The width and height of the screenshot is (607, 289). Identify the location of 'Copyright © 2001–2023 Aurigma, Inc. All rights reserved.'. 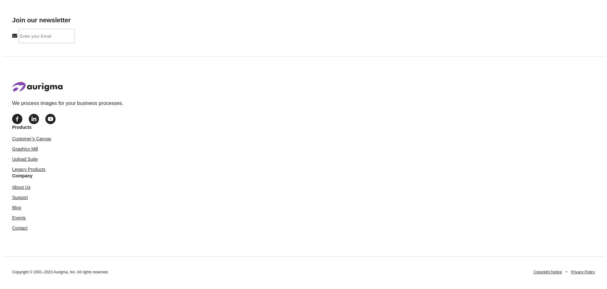
(60, 271).